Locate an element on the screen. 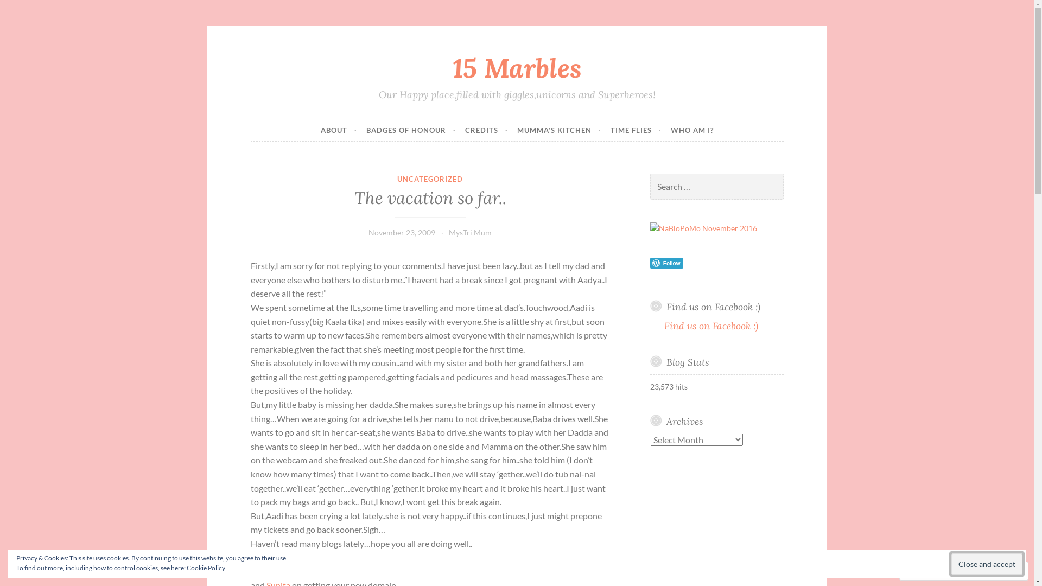  'BADGES OF HONOUR' is located at coordinates (365, 129).